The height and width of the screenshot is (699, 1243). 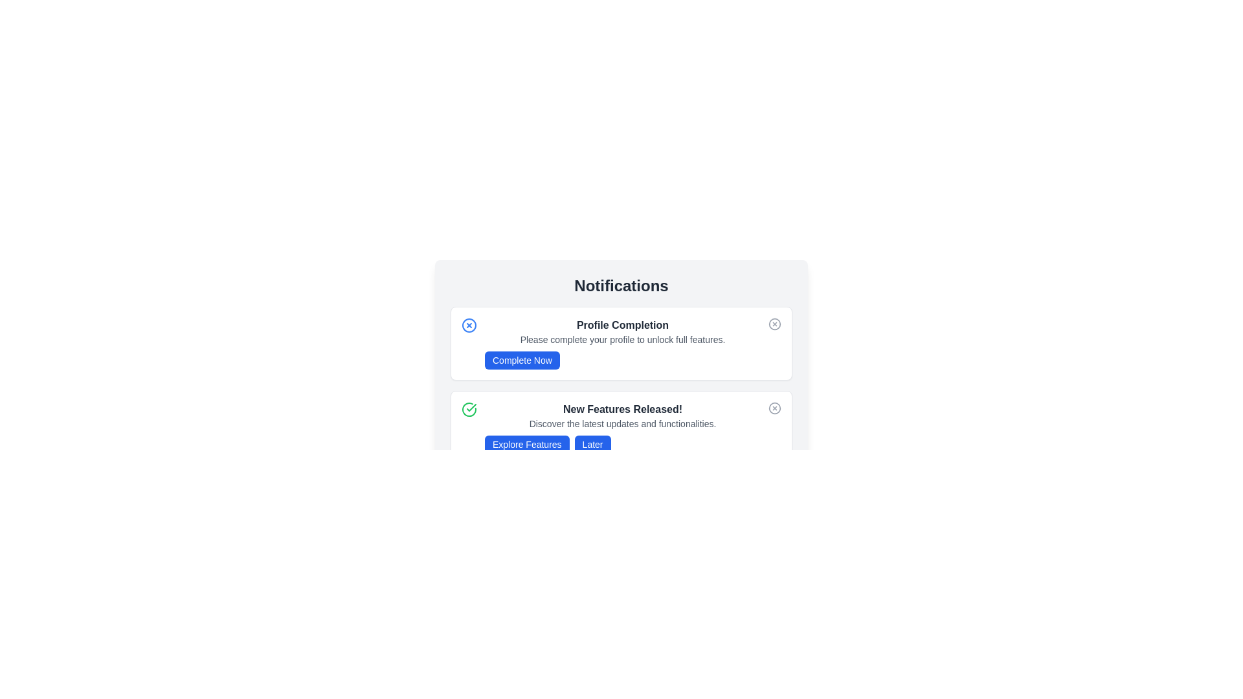 I want to click on the action button Later within a notification, so click(x=592, y=443).